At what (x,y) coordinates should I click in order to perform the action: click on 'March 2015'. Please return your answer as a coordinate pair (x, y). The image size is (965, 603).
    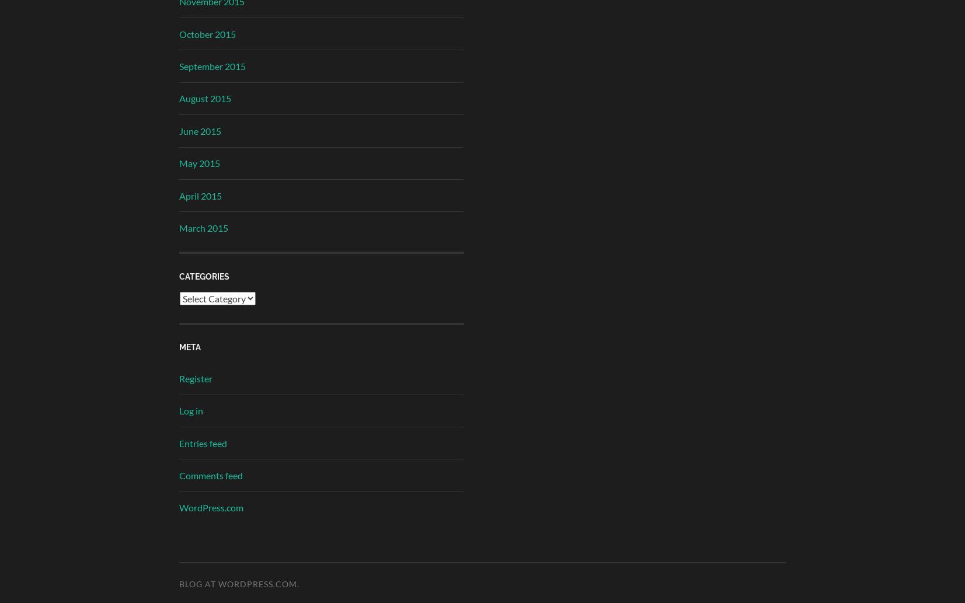
    Looking at the image, I should click on (202, 227).